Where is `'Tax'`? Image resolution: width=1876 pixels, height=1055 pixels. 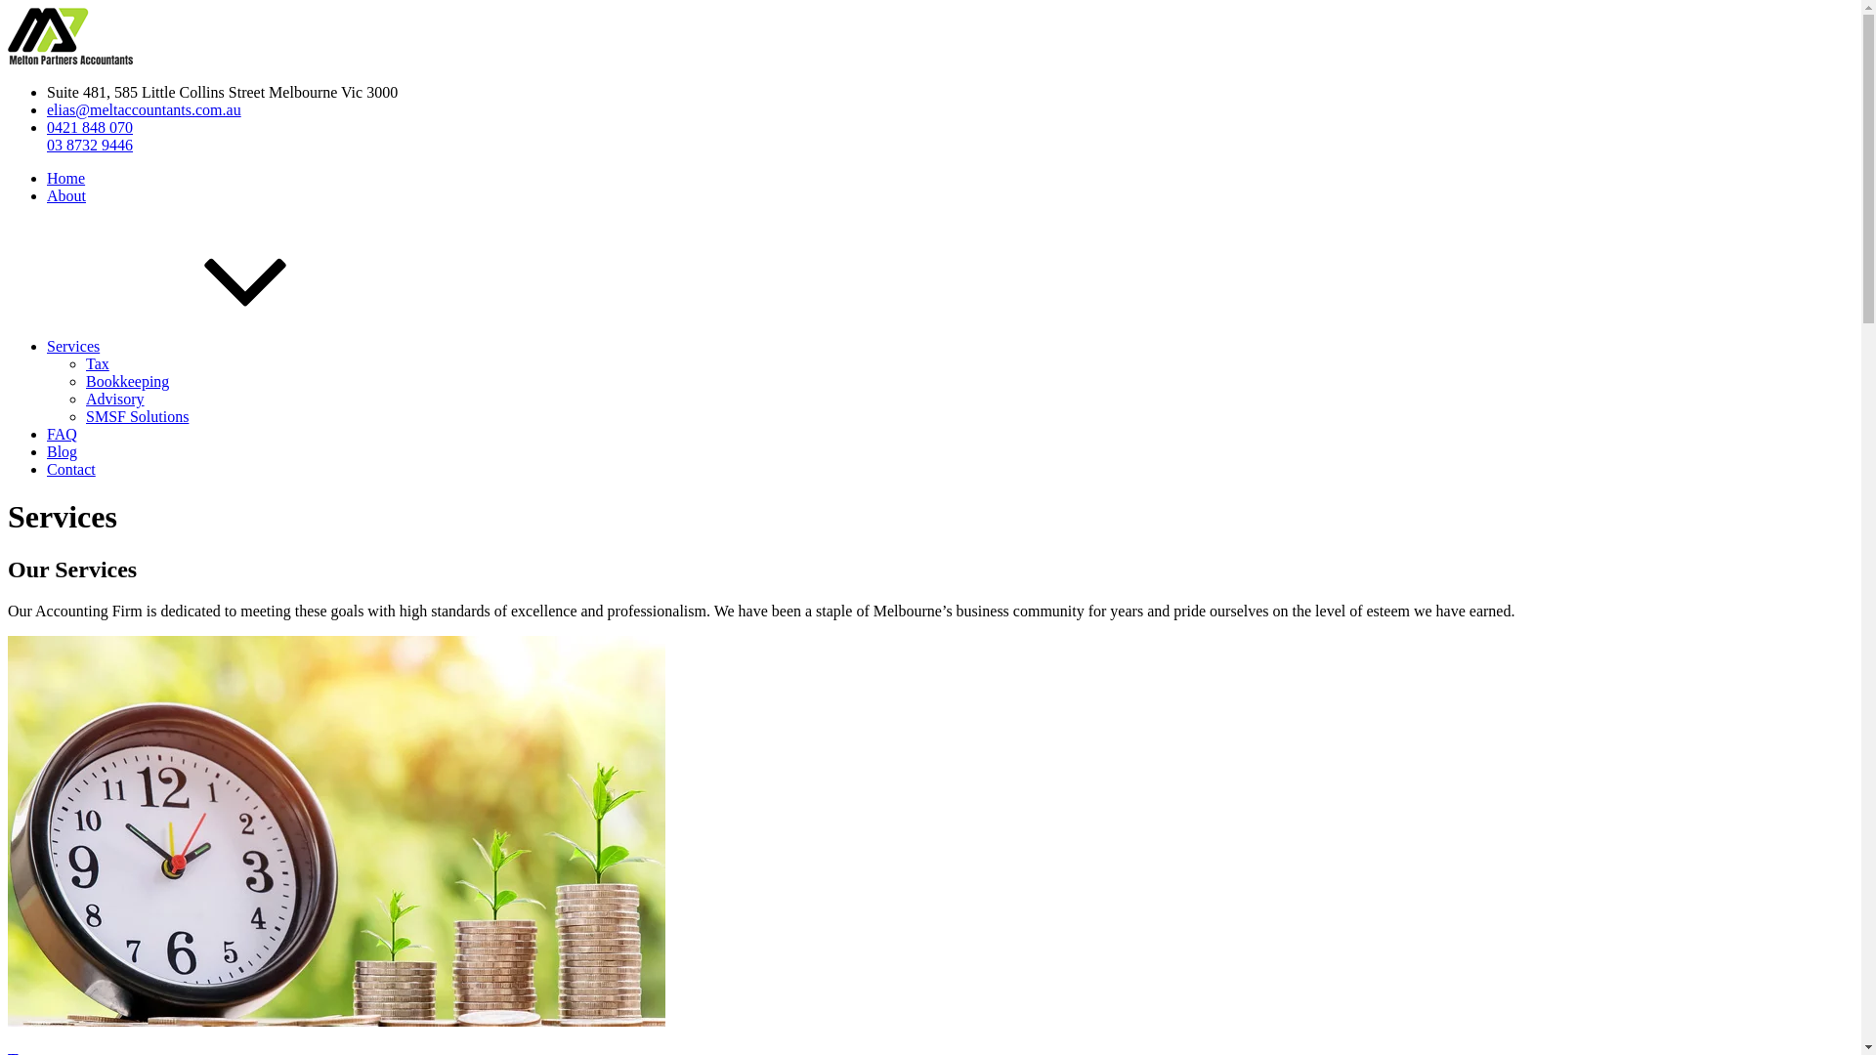
'Tax' is located at coordinates (97, 363).